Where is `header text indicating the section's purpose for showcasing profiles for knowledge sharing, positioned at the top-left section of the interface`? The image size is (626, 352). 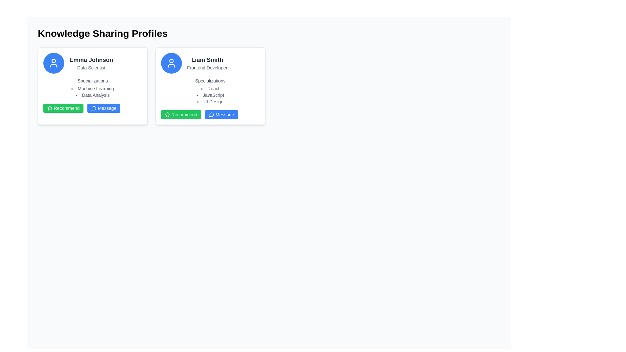
header text indicating the section's purpose for showcasing profiles for knowledge sharing, positioned at the top-left section of the interface is located at coordinates (102, 34).